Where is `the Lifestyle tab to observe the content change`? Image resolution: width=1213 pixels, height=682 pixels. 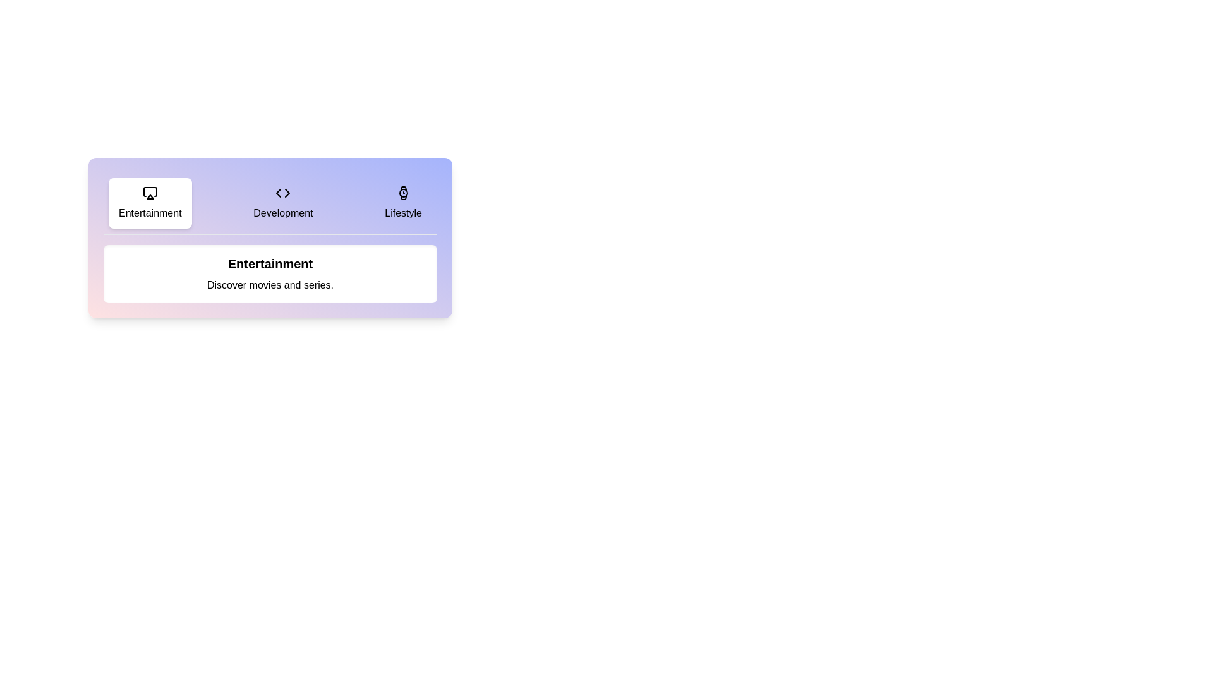
the Lifestyle tab to observe the content change is located at coordinates (402, 202).